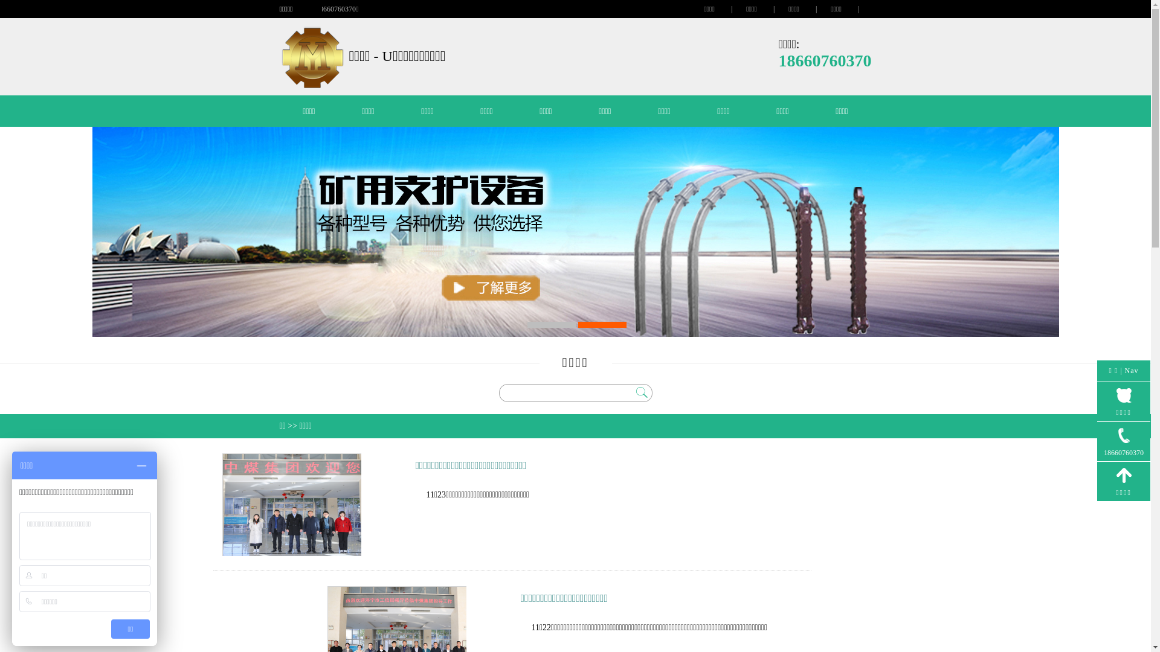 This screenshot has width=1160, height=652. Describe the element at coordinates (602, 324) in the screenshot. I see `'2'` at that location.